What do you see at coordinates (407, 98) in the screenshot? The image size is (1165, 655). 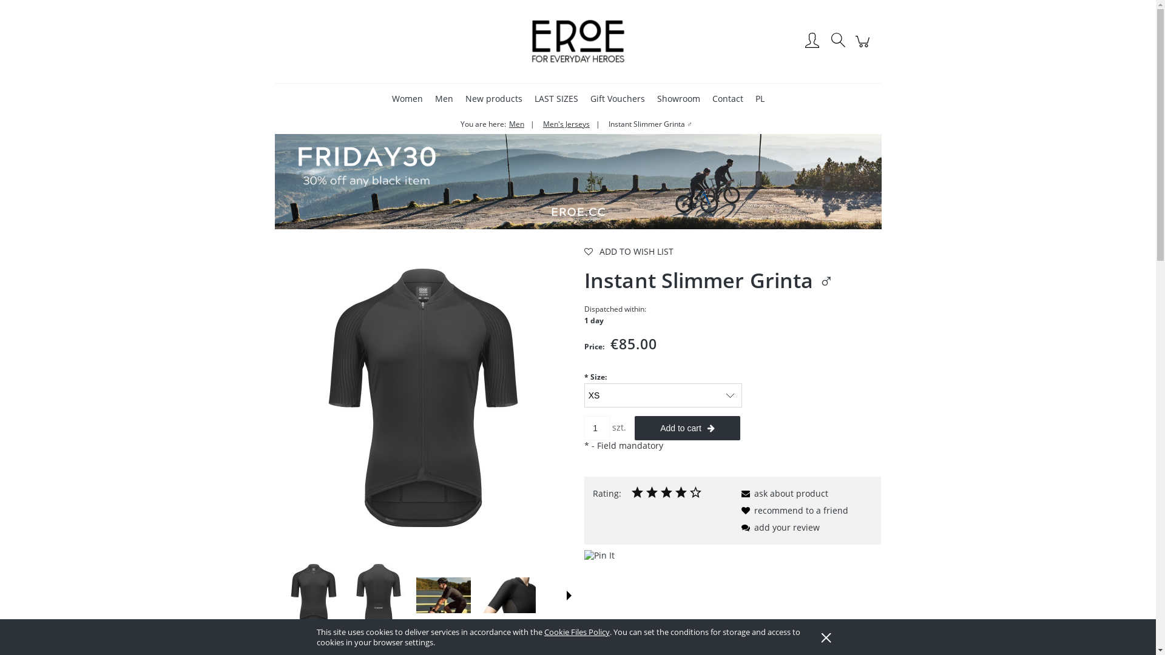 I see `'Women'` at bounding box center [407, 98].